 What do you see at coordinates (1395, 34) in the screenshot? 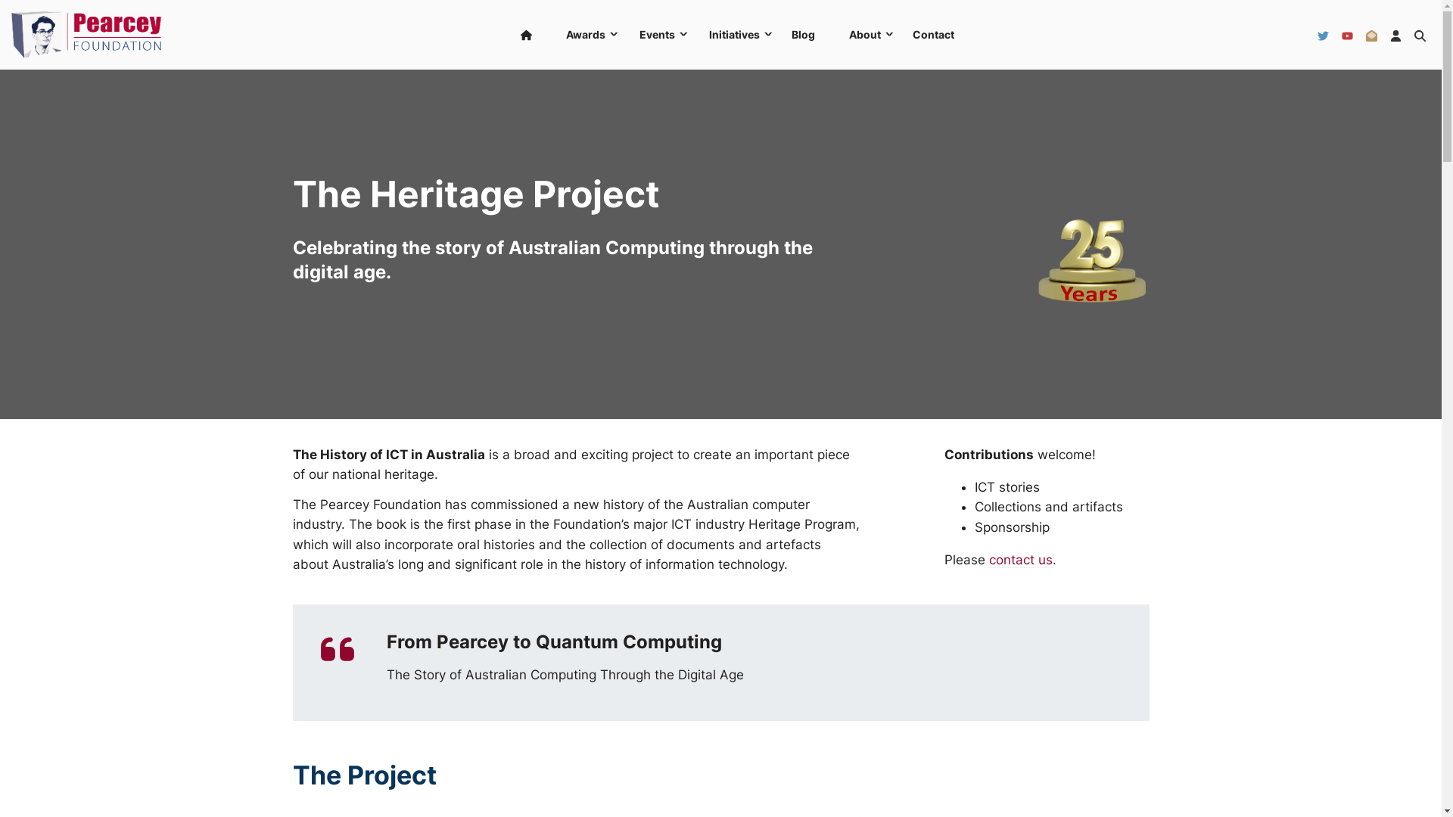
I see `'Profile'` at bounding box center [1395, 34].